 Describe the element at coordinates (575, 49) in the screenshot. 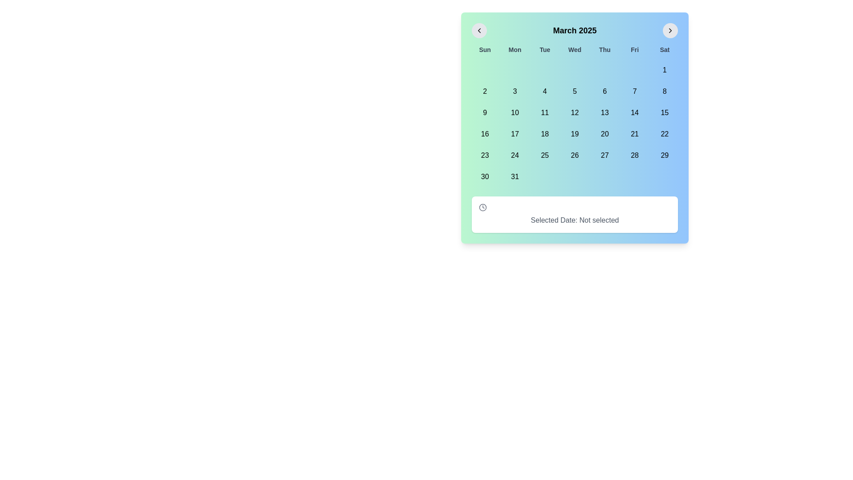

I see `the horizontal row of abbreviated weekday labels (Sun to Sat)` at that location.